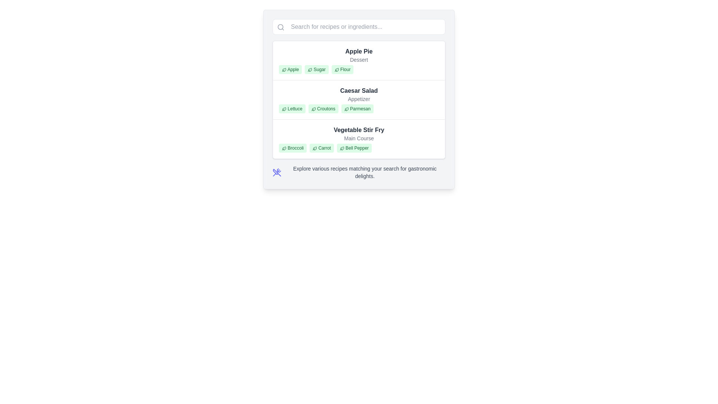 This screenshot has height=404, width=718. Describe the element at coordinates (346, 109) in the screenshot. I see `the leaf-shaped SVG icon next to the Parmesan item in the Caesar Salad ingredient list` at that location.